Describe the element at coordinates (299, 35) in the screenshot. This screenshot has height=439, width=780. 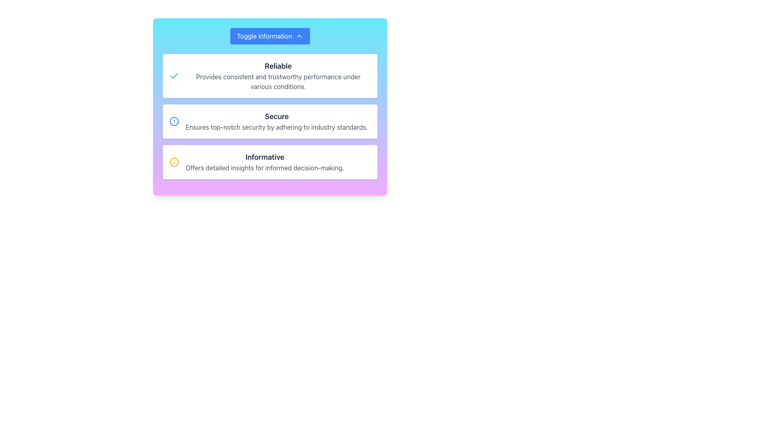
I see `the icon located inside the right edge of the blue button labeled 'Toggle Information'` at that location.